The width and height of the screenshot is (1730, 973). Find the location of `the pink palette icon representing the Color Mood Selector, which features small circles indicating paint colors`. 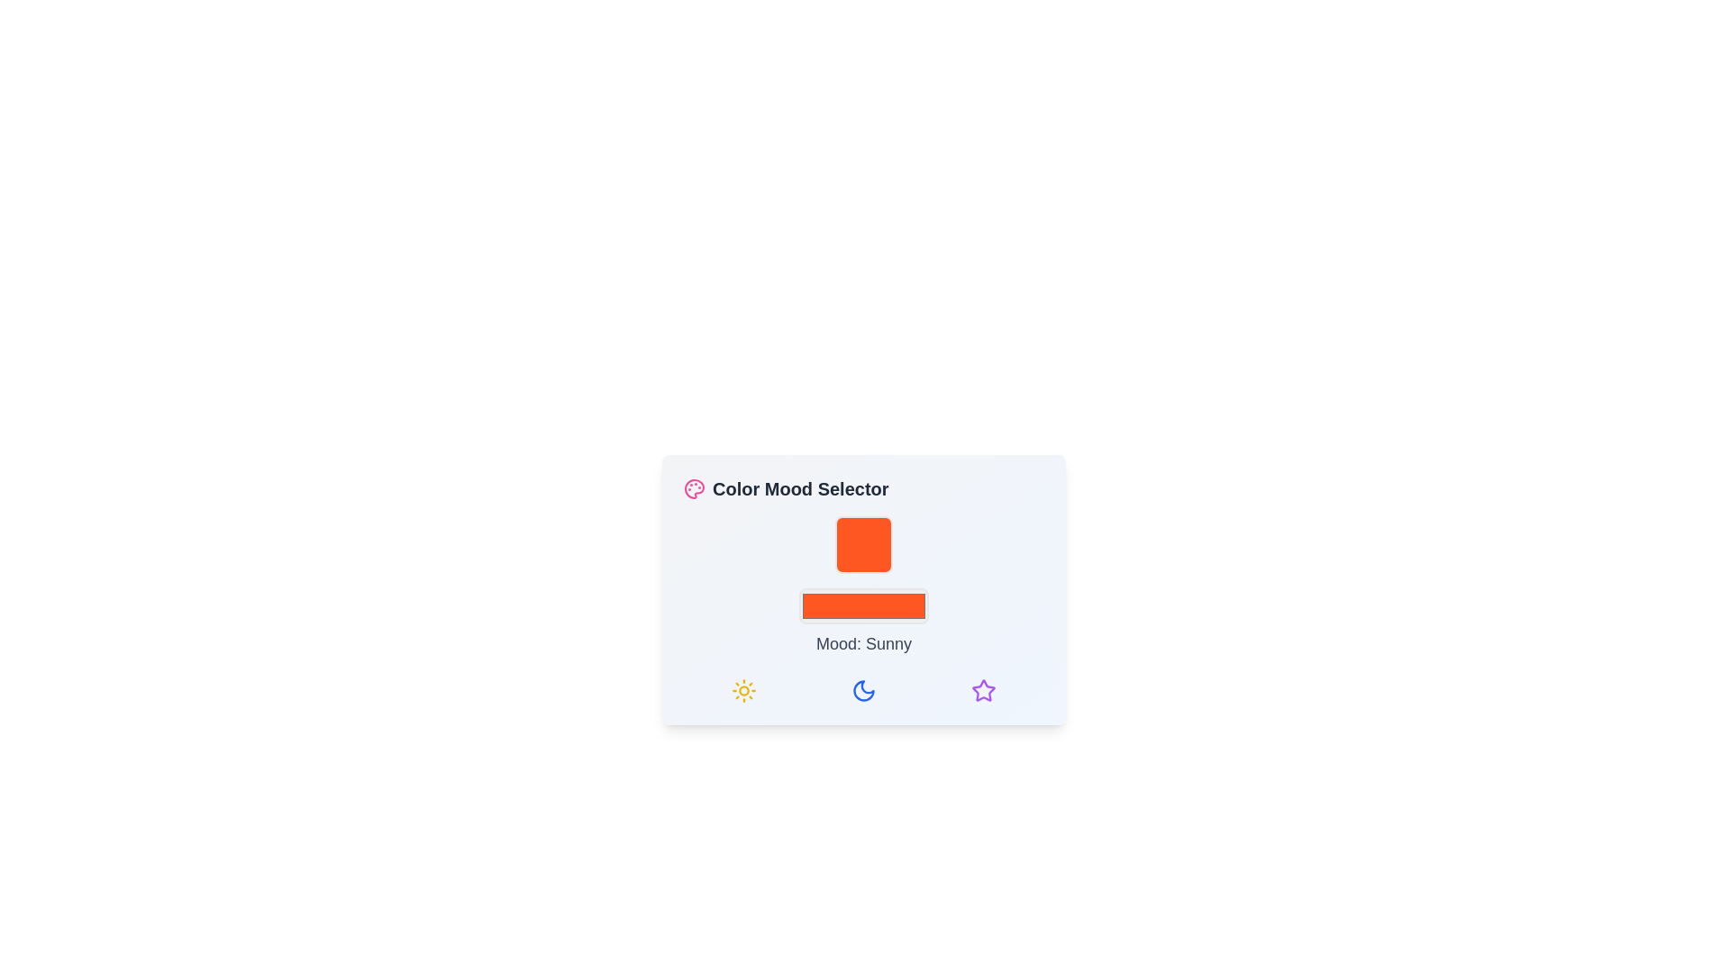

the pink palette icon representing the Color Mood Selector, which features small circles indicating paint colors is located at coordinates (694, 489).